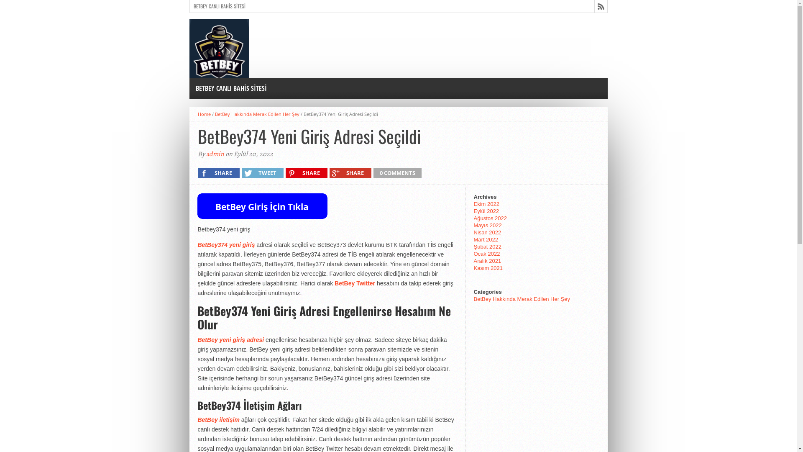 The height and width of the screenshot is (452, 803). I want to click on 'admin', so click(215, 154).